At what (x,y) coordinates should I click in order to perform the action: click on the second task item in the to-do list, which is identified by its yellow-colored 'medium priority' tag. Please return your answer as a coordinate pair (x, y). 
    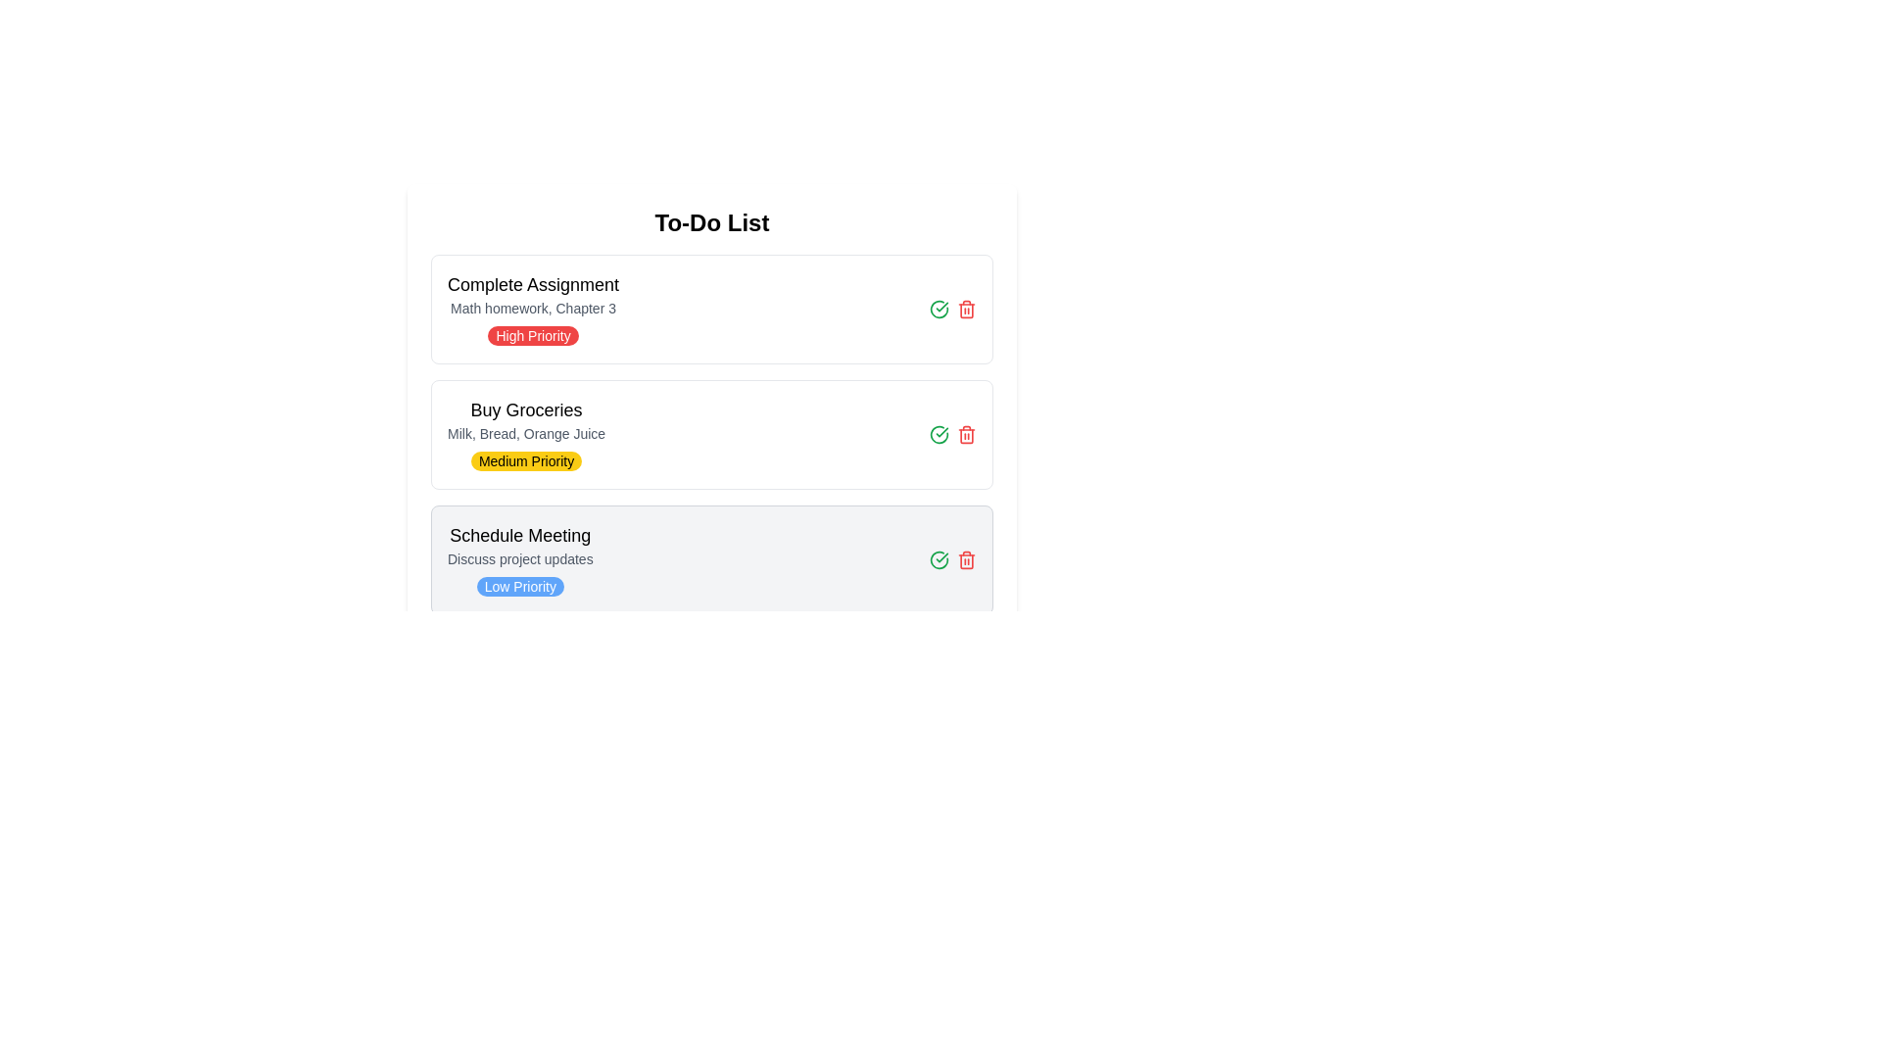
    Looking at the image, I should click on (710, 433).